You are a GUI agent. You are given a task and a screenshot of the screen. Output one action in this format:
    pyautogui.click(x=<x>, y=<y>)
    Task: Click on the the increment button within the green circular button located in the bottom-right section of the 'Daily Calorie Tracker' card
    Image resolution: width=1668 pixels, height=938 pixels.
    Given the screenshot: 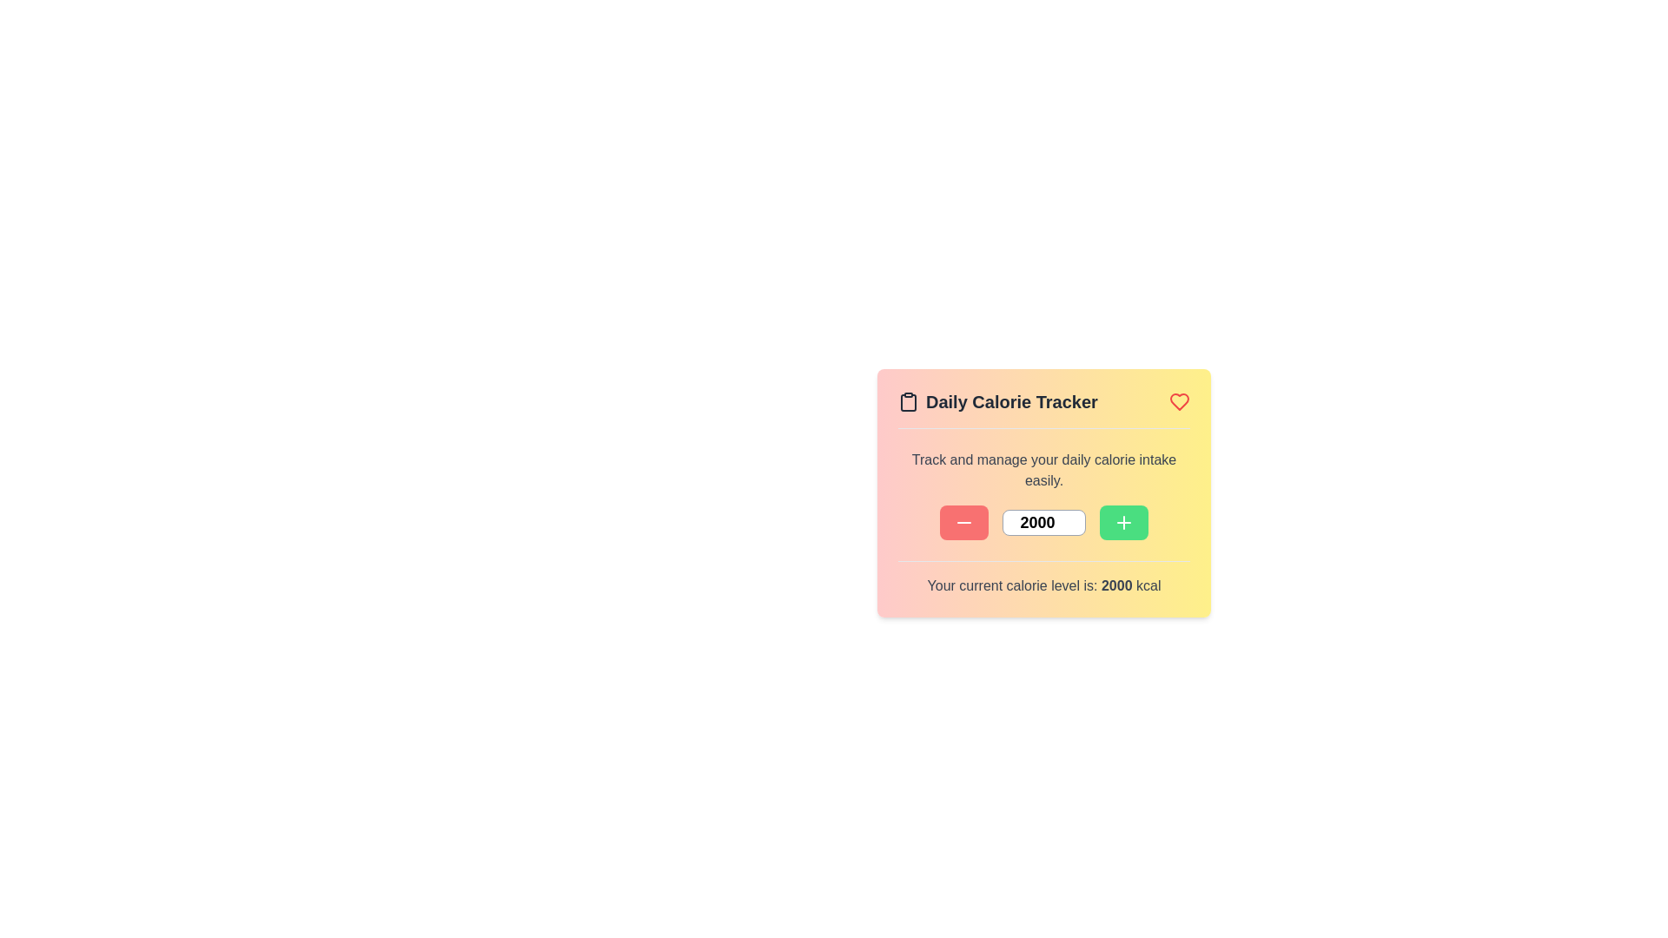 What is the action you would take?
    pyautogui.click(x=1124, y=521)
    